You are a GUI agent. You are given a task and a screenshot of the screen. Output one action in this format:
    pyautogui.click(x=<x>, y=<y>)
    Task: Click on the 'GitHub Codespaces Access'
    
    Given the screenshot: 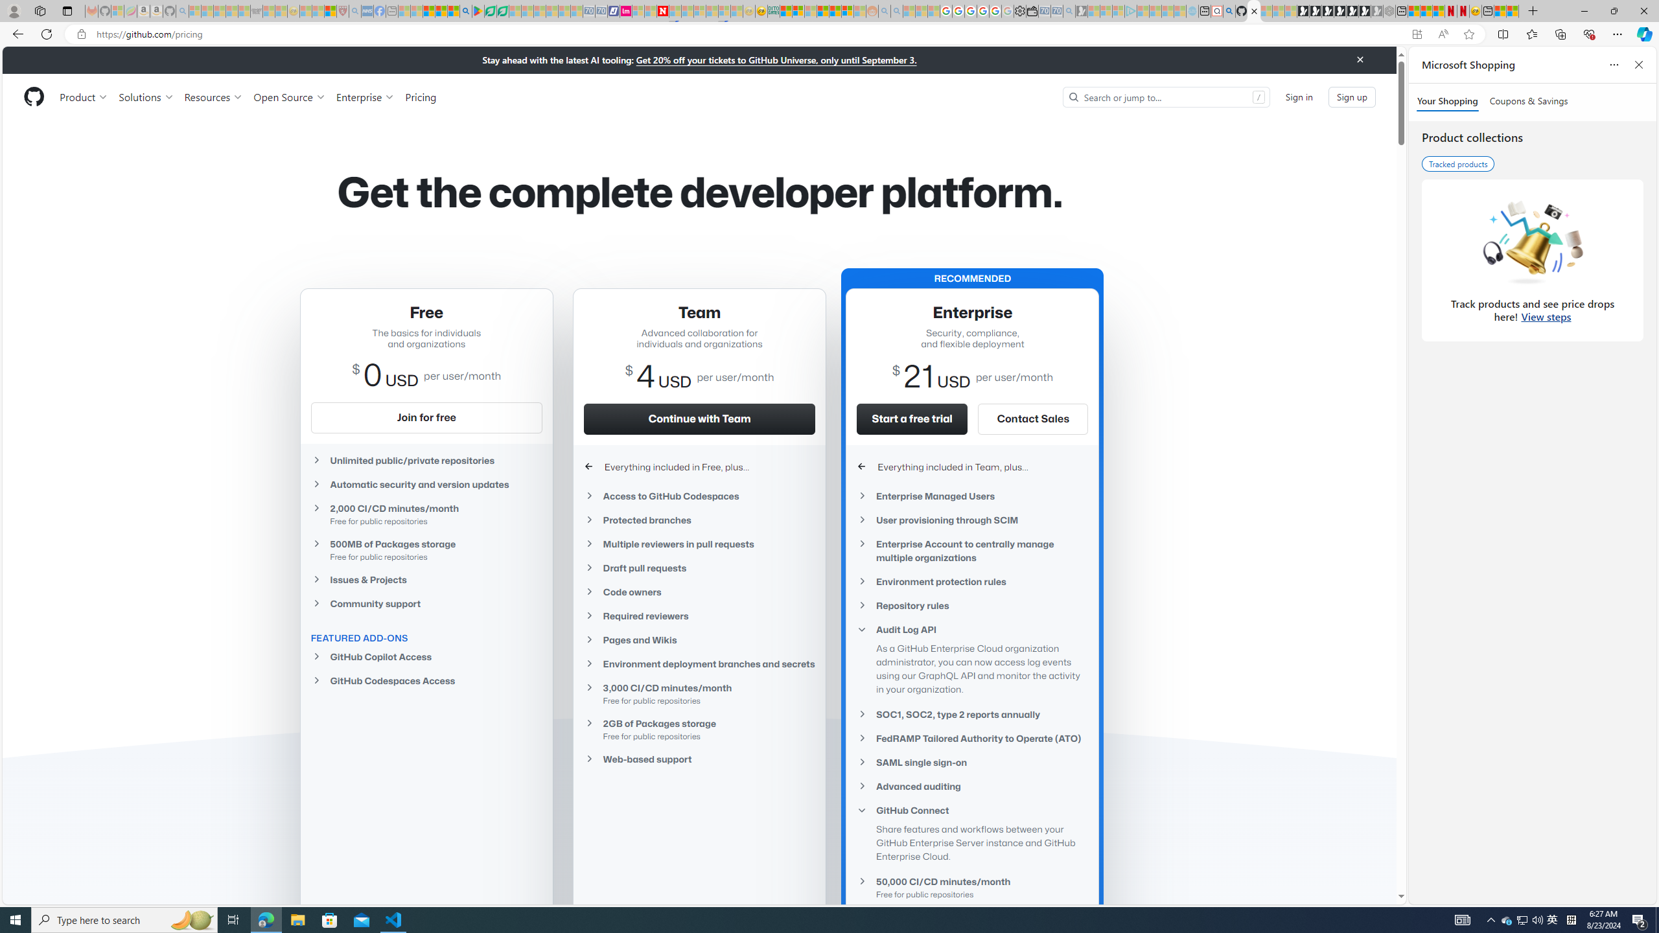 What is the action you would take?
    pyautogui.click(x=425, y=680)
    